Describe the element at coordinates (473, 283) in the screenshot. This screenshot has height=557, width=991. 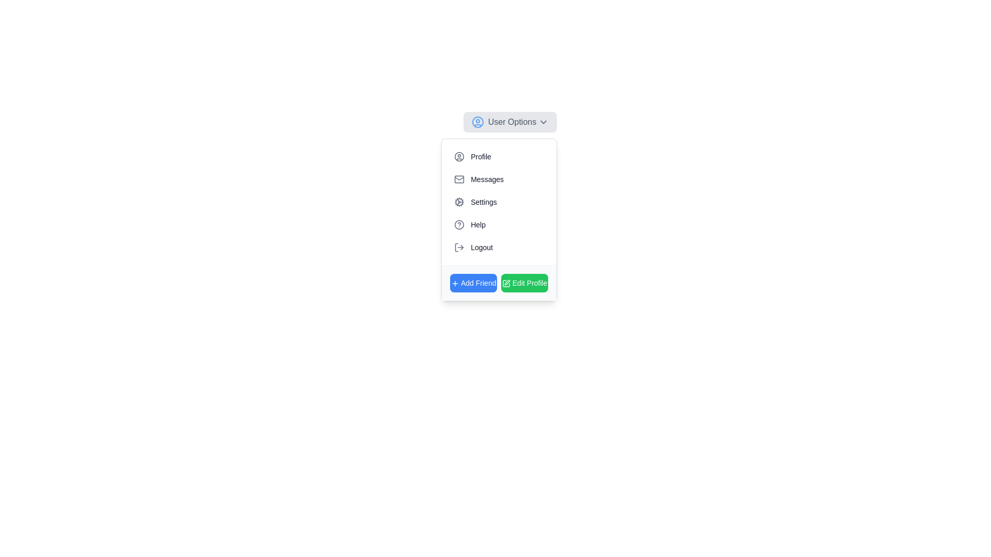
I see `the 'Add Friend' button with a blue background and white text` at that location.